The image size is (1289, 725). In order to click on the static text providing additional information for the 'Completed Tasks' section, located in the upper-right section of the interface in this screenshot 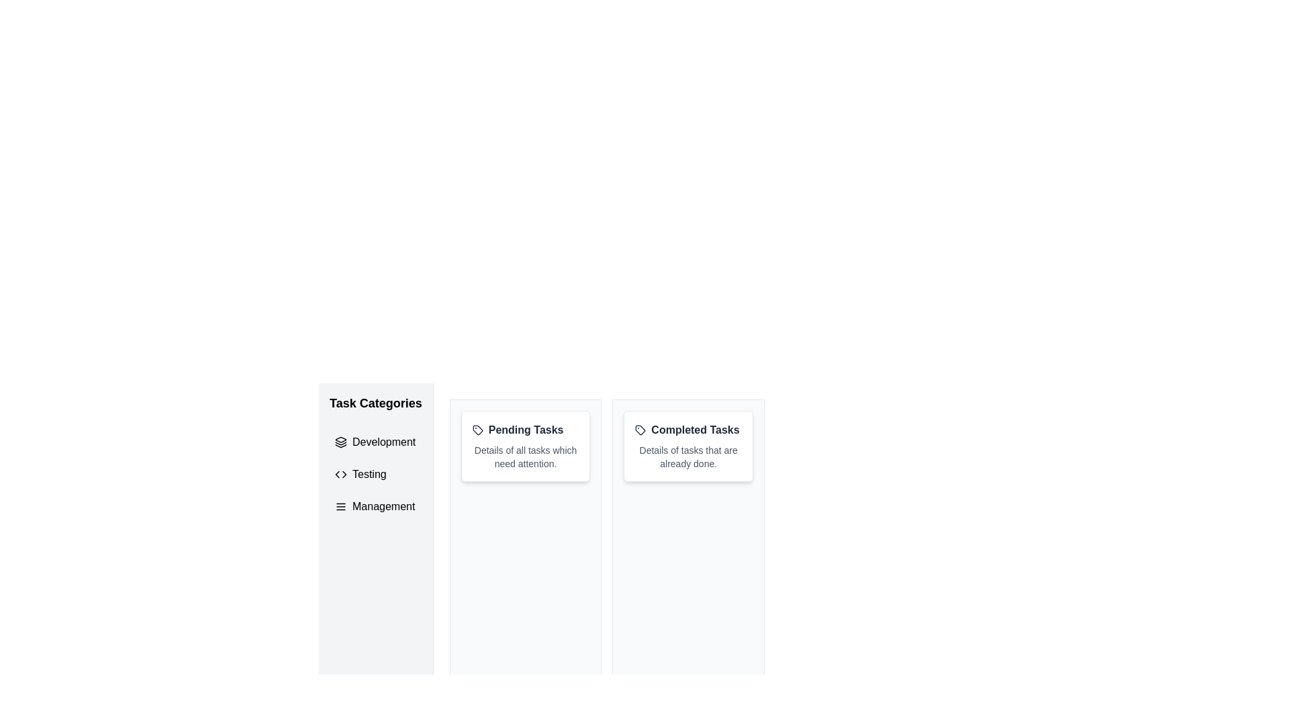, I will do `click(688, 456)`.